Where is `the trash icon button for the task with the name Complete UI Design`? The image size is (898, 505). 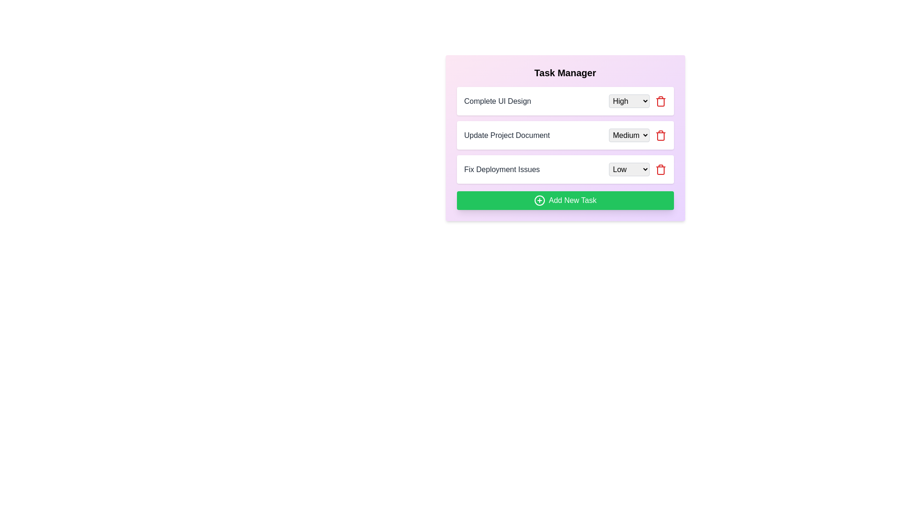 the trash icon button for the task with the name Complete UI Design is located at coordinates (660, 101).